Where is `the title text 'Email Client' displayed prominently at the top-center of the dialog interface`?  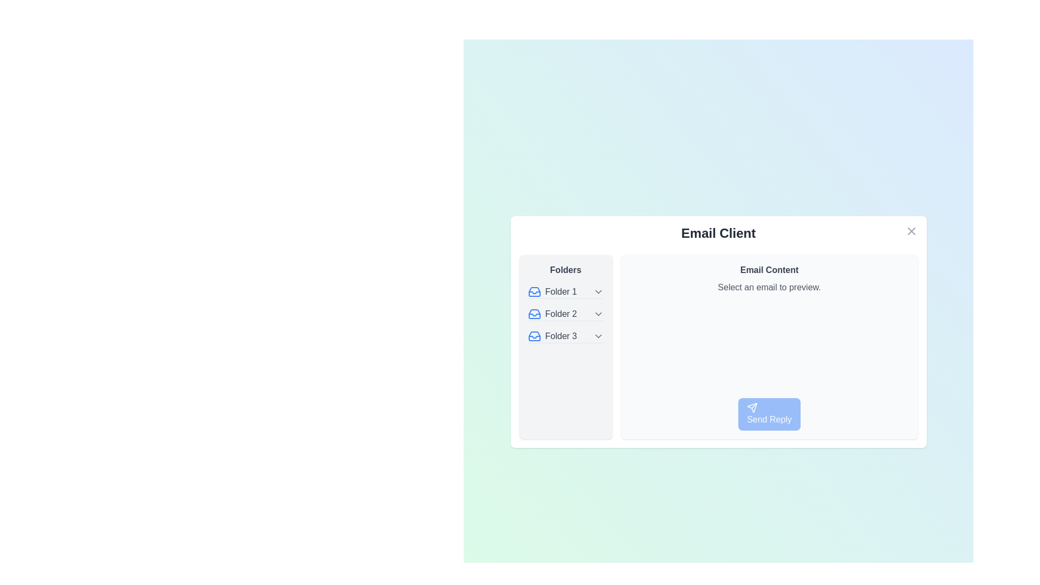
the title text 'Email Client' displayed prominently at the top-center of the dialog interface is located at coordinates (718, 233).